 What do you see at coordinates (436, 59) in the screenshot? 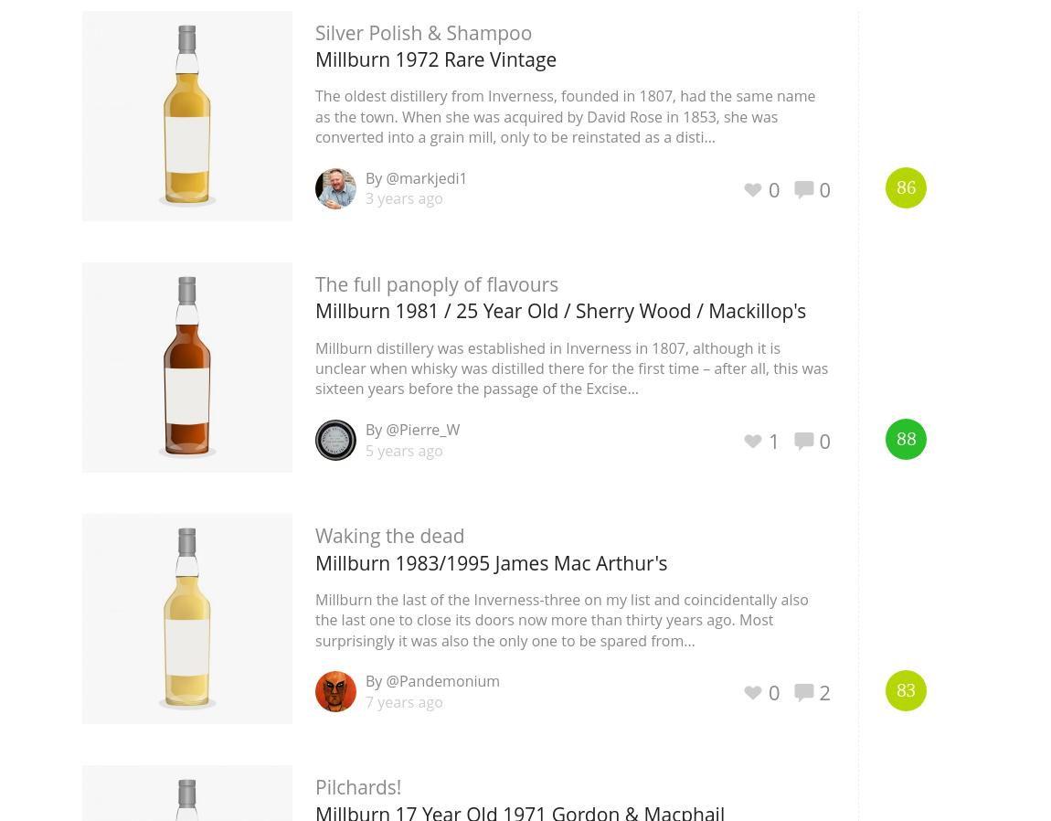
I see `'Millburn 1972 Rare Vintage'` at bounding box center [436, 59].